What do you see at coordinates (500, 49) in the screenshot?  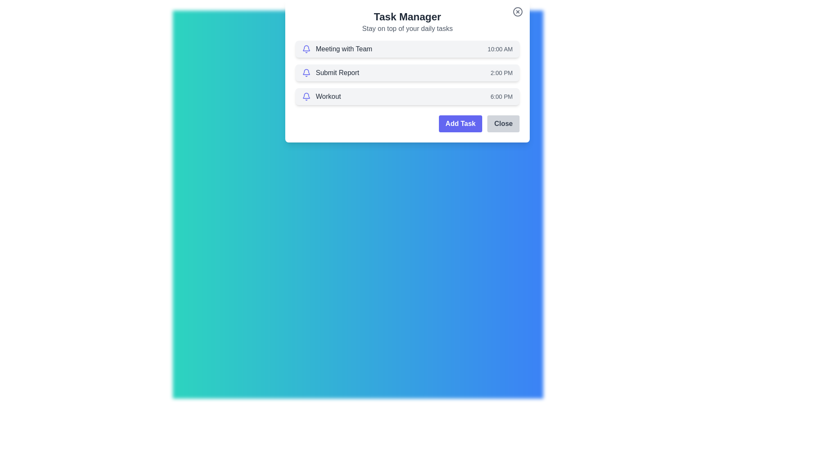 I see `the static text label displaying the time '10:00 AM' associated with the event 'Meeting with Team'` at bounding box center [500, 49].